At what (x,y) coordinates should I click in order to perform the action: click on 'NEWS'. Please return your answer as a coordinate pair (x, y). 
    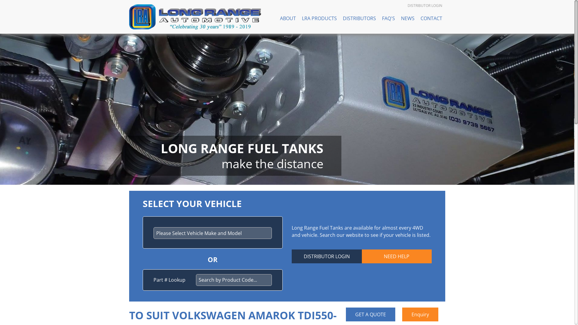
    Looking at the image, I should click on (408, 18).